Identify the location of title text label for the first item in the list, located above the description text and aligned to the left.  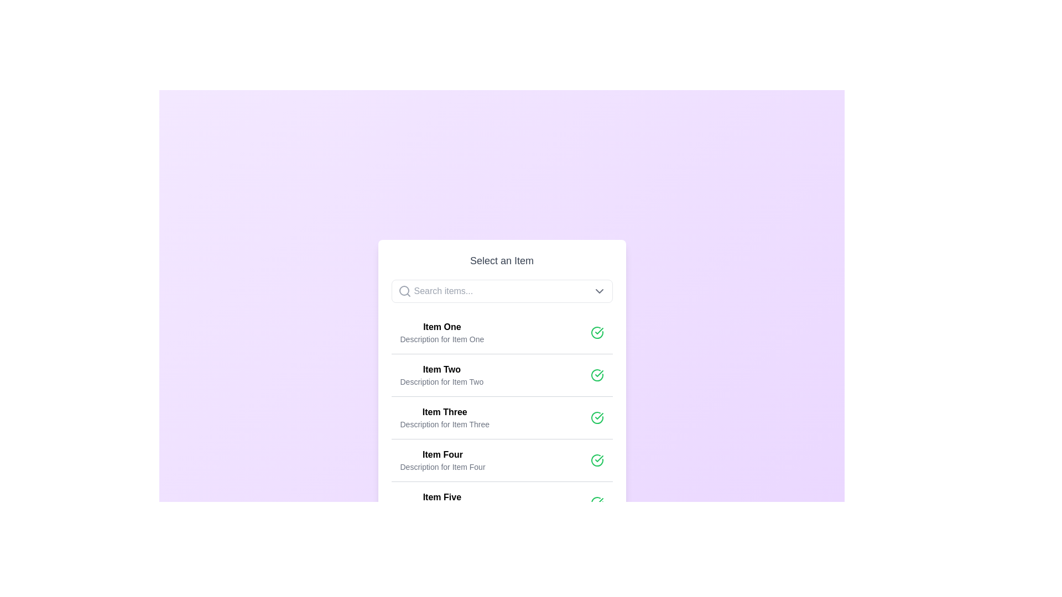
(441, 326).